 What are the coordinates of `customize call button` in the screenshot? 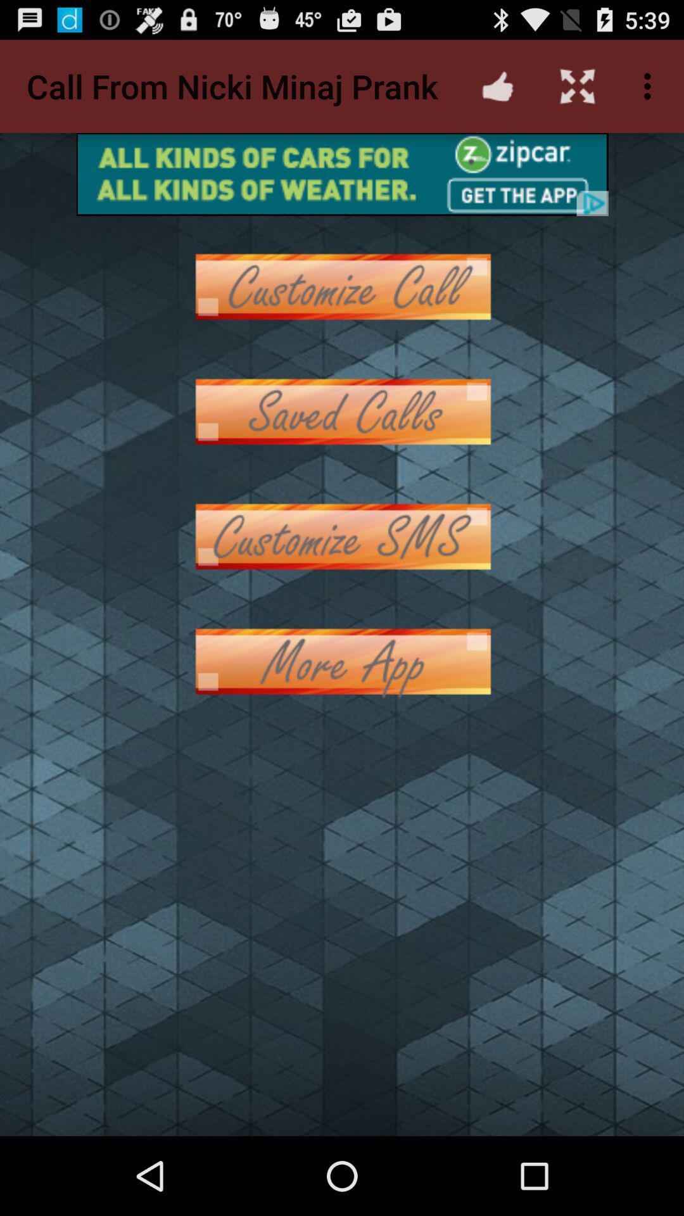 It's located at (342, 286).